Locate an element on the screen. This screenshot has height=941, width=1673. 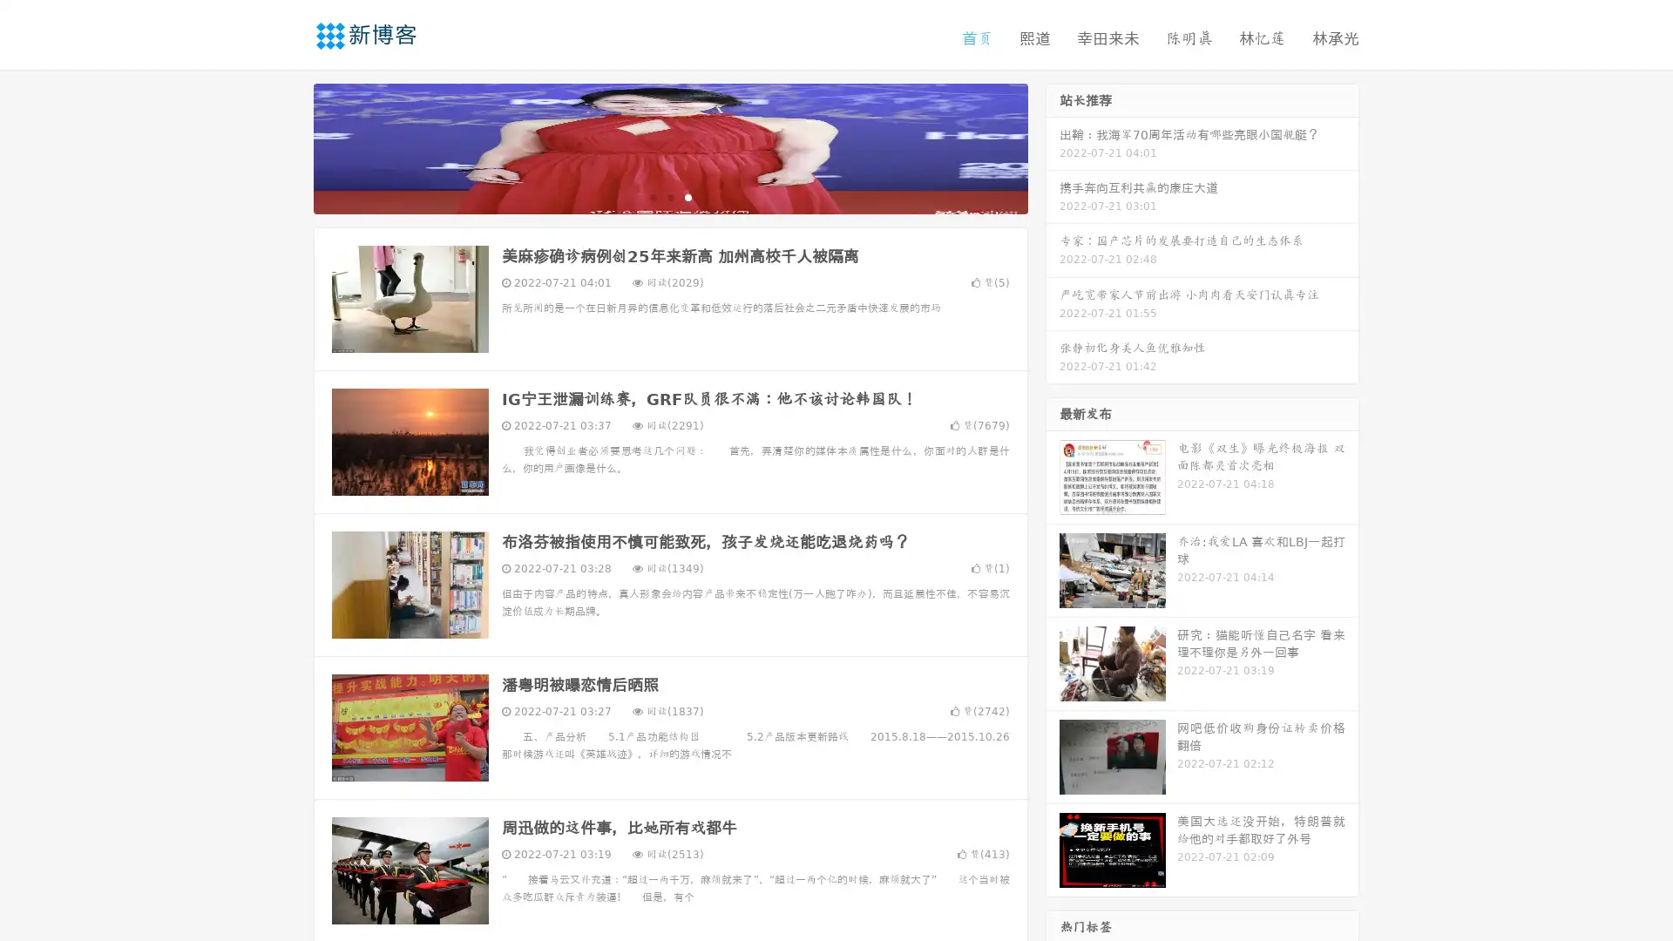
Go to slide 1 is located at coordinates (652, 196).